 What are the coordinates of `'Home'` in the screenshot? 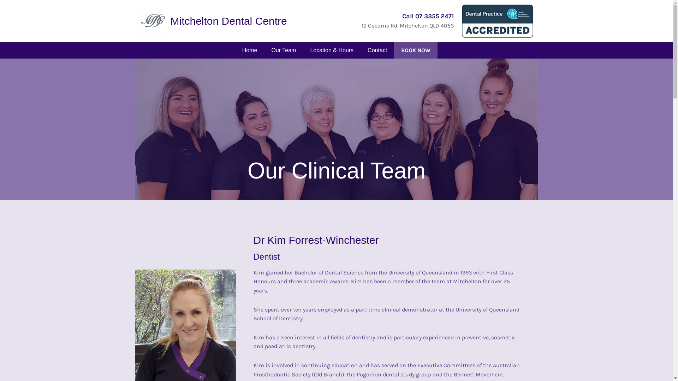 It's located at (250, 50).